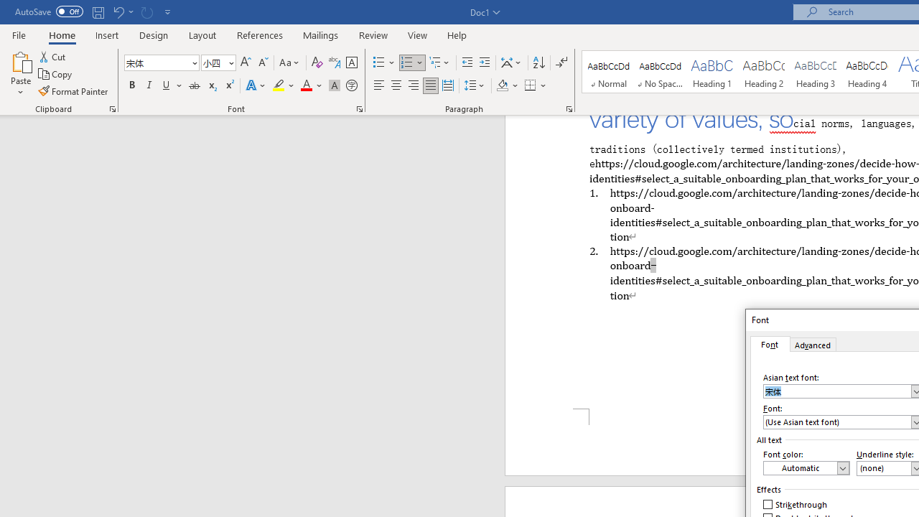  What do you see at coordinates (396, 85) in the screenshot?
I see `'Center'` at bounding box center [396, 85].